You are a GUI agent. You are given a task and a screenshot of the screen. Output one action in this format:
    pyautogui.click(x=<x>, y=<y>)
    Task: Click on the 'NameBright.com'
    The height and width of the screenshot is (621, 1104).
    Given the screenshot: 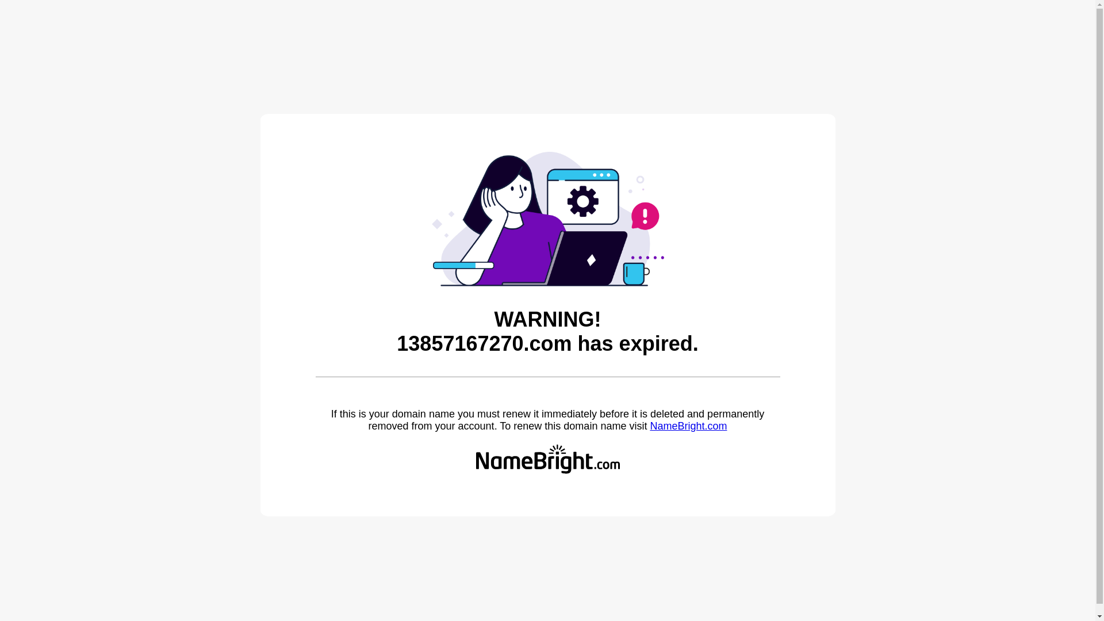 What is the action you would take?
    pyautogui.click(x=688, y=425)
    